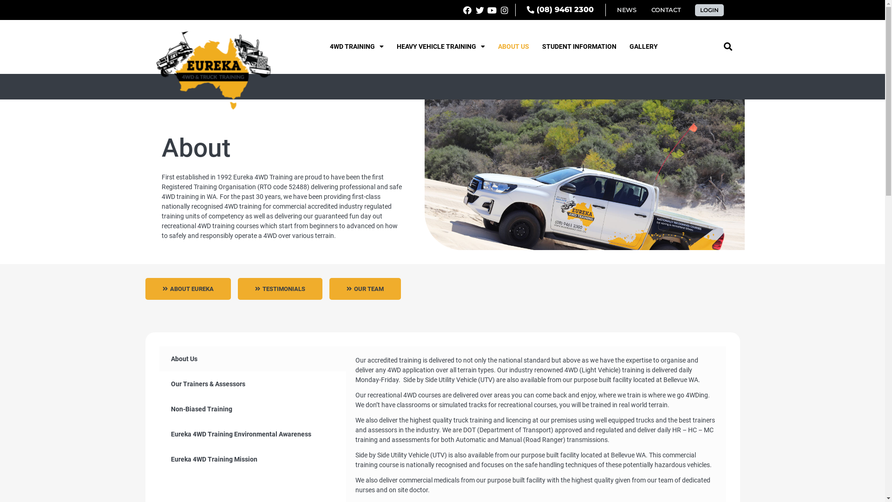  What do you see at coordinates (579, 46) in the screenshot?
I see `'STUDENT INFORMATION'` at bounding box center [579, 46].